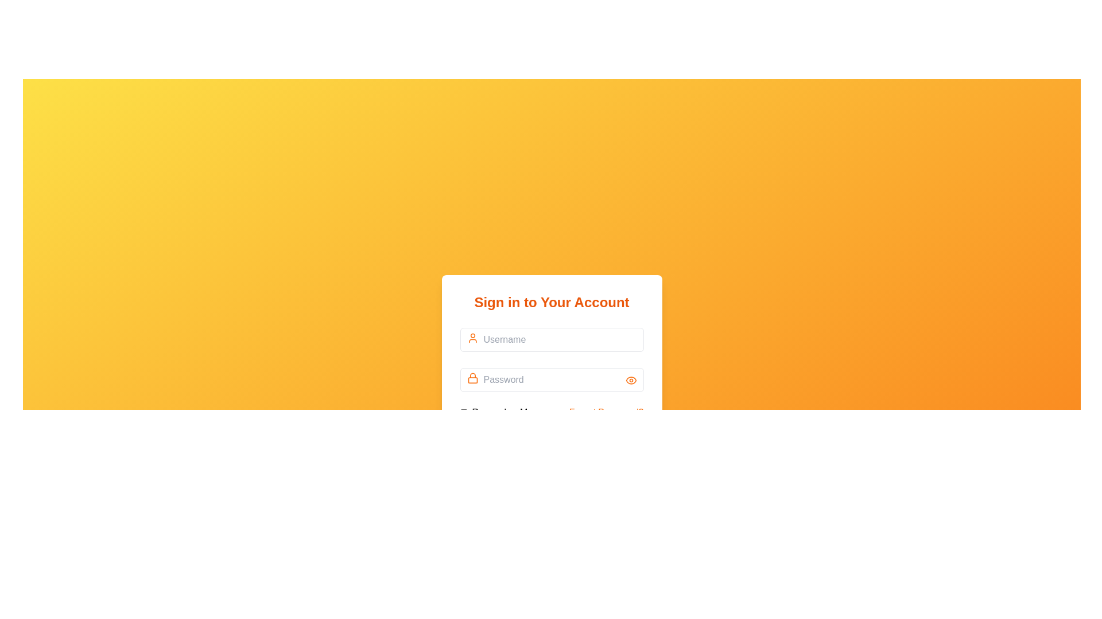 The width and height of the screenshot is (1102, 619). I want to click on the Password input field located below the username input field and above the 'Remember Me' section, so click(552, 388).